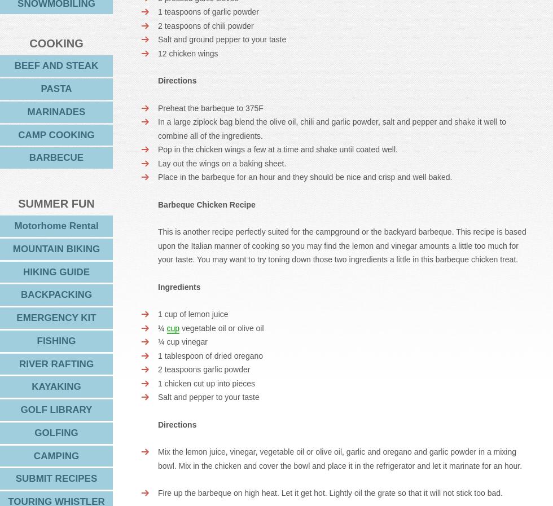 The height and width of the screenshot is (506, 553). Describe the element at coordinates (332, 128) in the screenshot. I see `'In a large ziplock bag blend the olive oil, chili and garlic powder, salt and pepper and shake it well to combine all of the ingredients.'` at that location.